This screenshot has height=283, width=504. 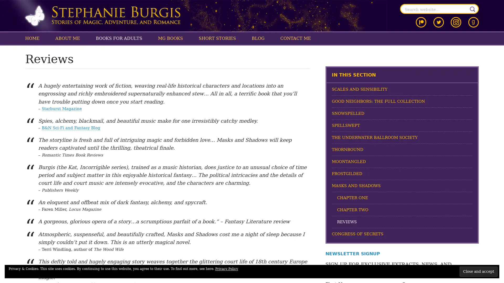 What do you see at coordinates (472, 9) in the screenshot?
I see `Search` at bounding box center [472, 9].